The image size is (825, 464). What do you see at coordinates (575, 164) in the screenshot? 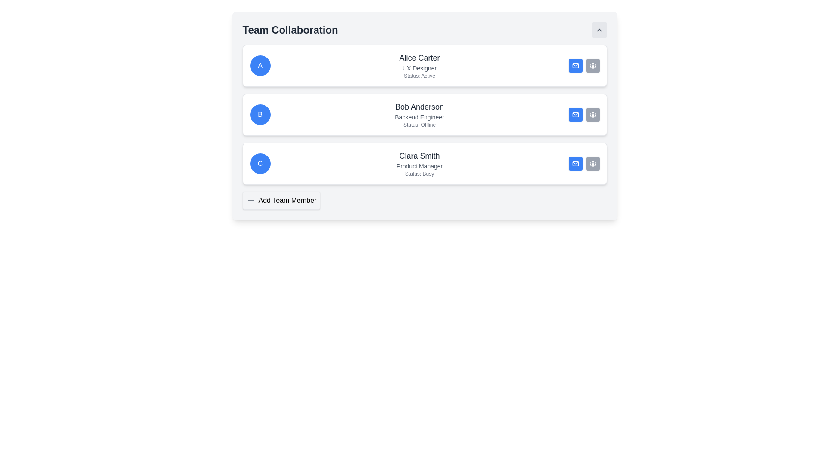
I see `the blue rectangular button with rounded corners inside the mail envelope icon for 'Clara Smith'` at bounding box center [575, 164].